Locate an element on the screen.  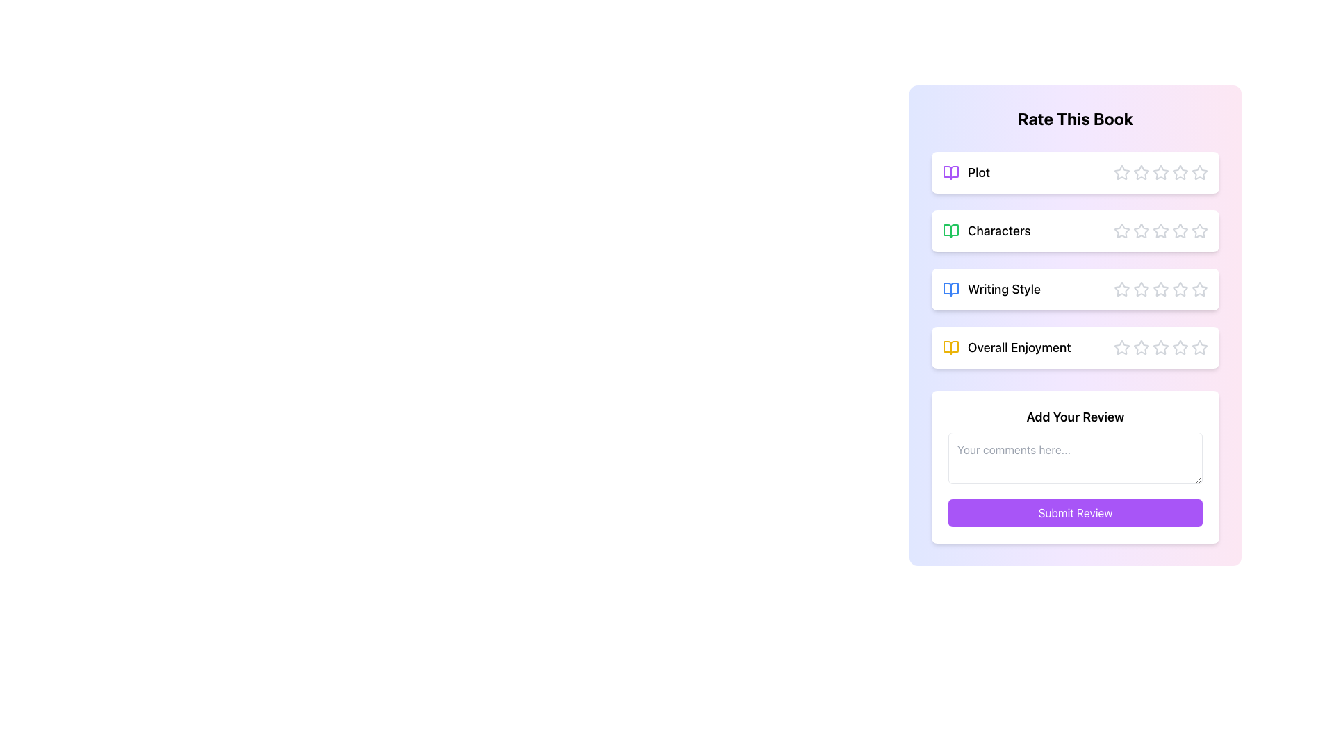
the second star icon in the third row of the rating section labeled 'Writing Style' is located at coordinates (1160, 288).